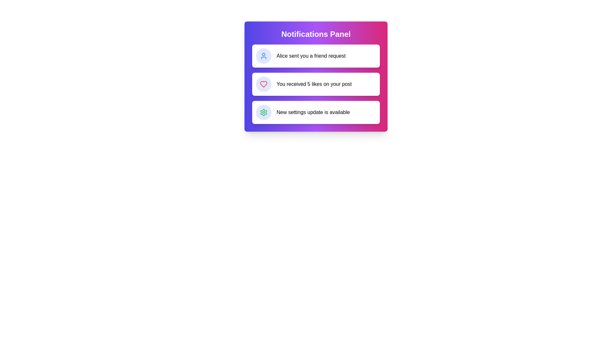 This screenshot has height=346, width=616. Describe the element at coordinates (263, 112) in the screenshot. I see `the settings vector icon located in the third row of the notifications panel, which indicates a new settings update is available` at that location.